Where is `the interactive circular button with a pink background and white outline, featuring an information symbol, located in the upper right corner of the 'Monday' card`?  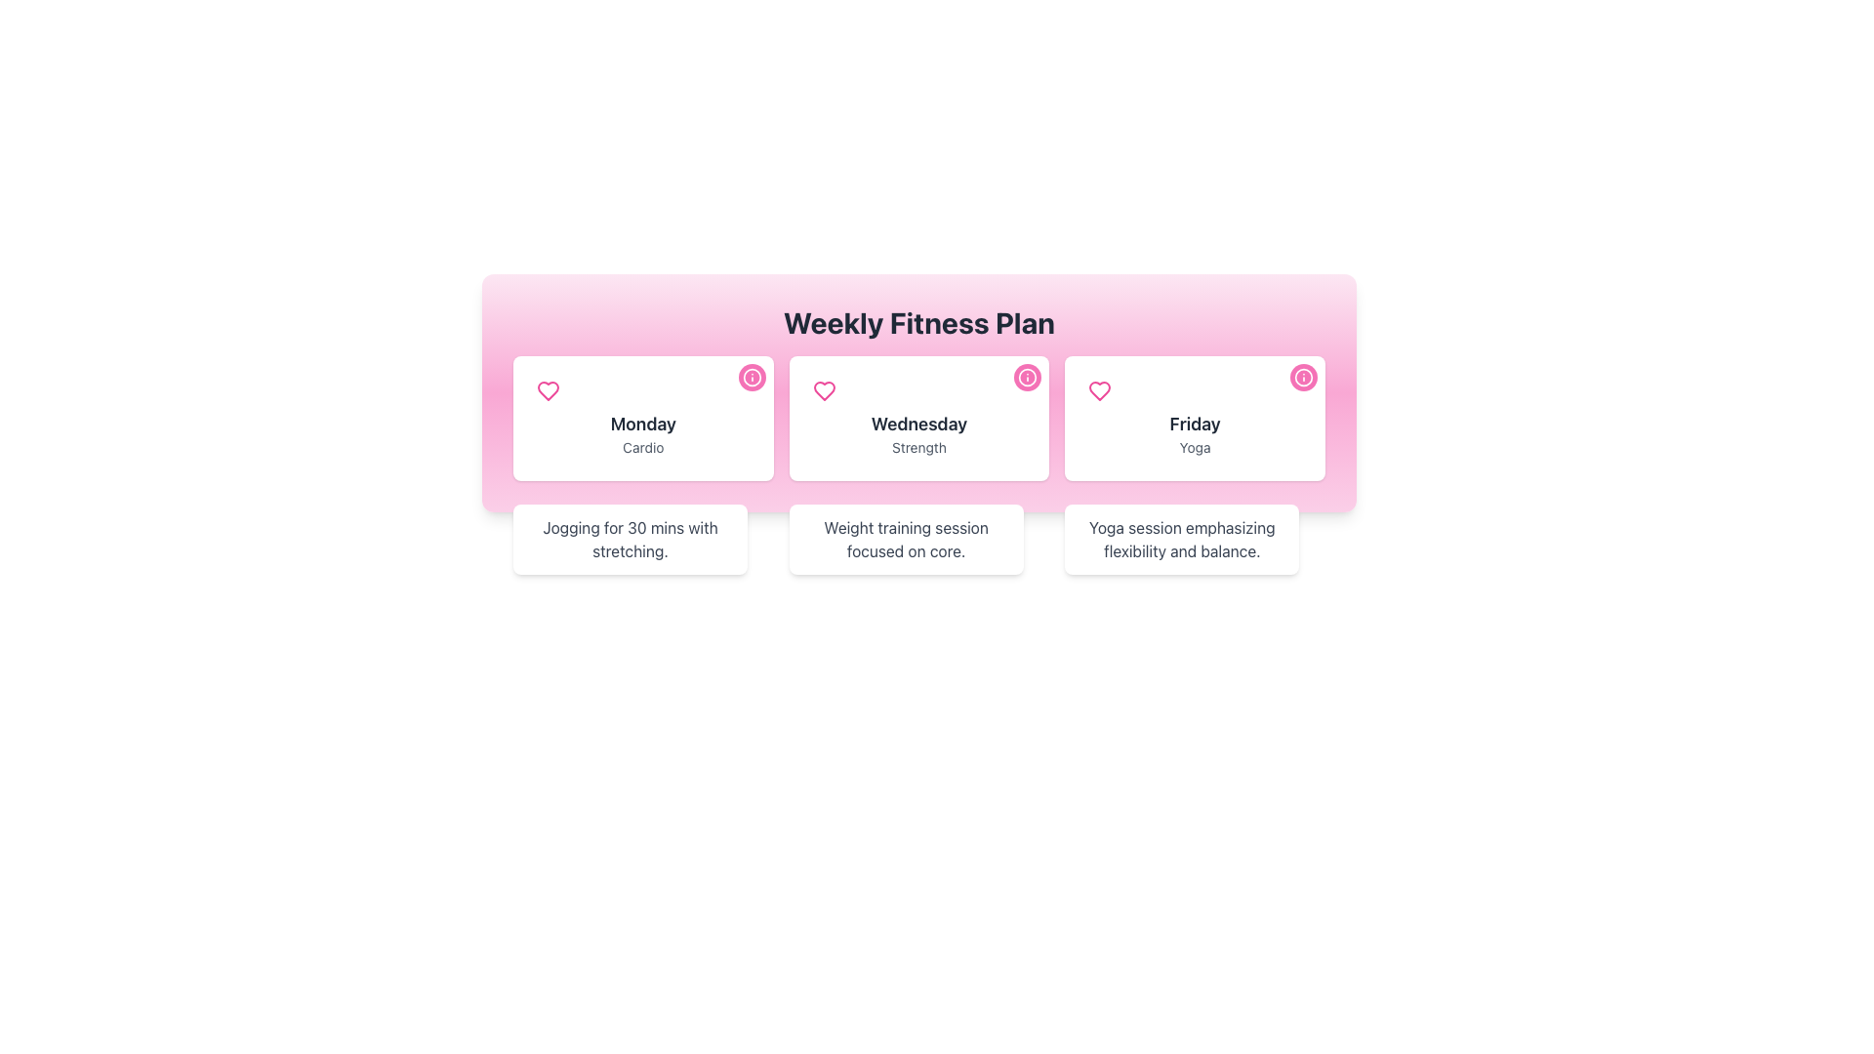 the interactive circular button with a pink background and white outline, featuring an information symbol, located in the upper right corner of the 'Monday' card is located at coordinates (751, 377).